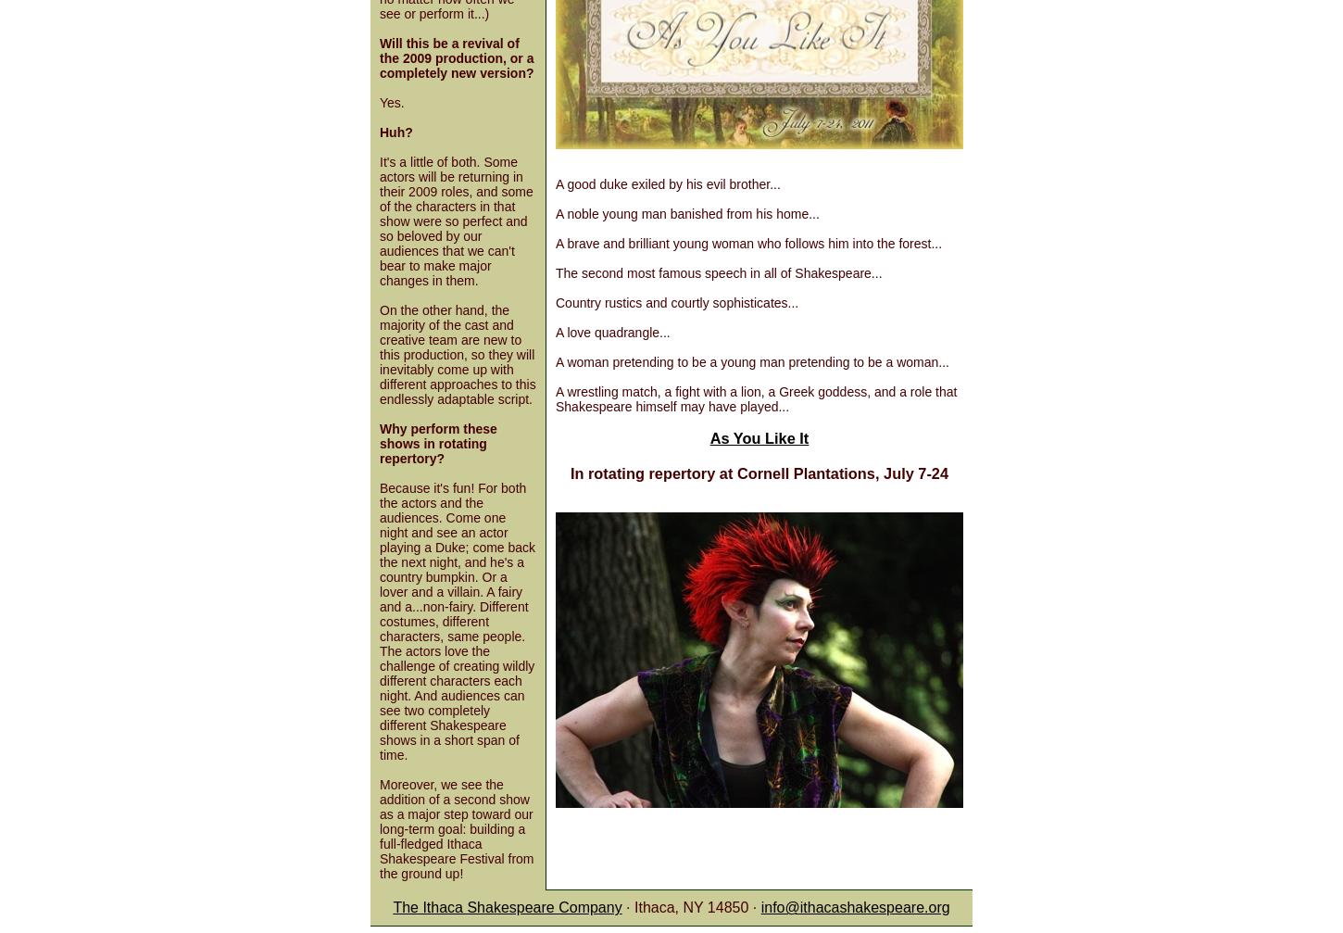  What do you see at coordinates (379, 828) in the screenshot?
I see `'Moreover, we see the addition of a second show as a major step toward our long-term goal: building a full-fledged Ithaca Shakespeare Festival from the ground up!'` at bounding box center [379, 828].